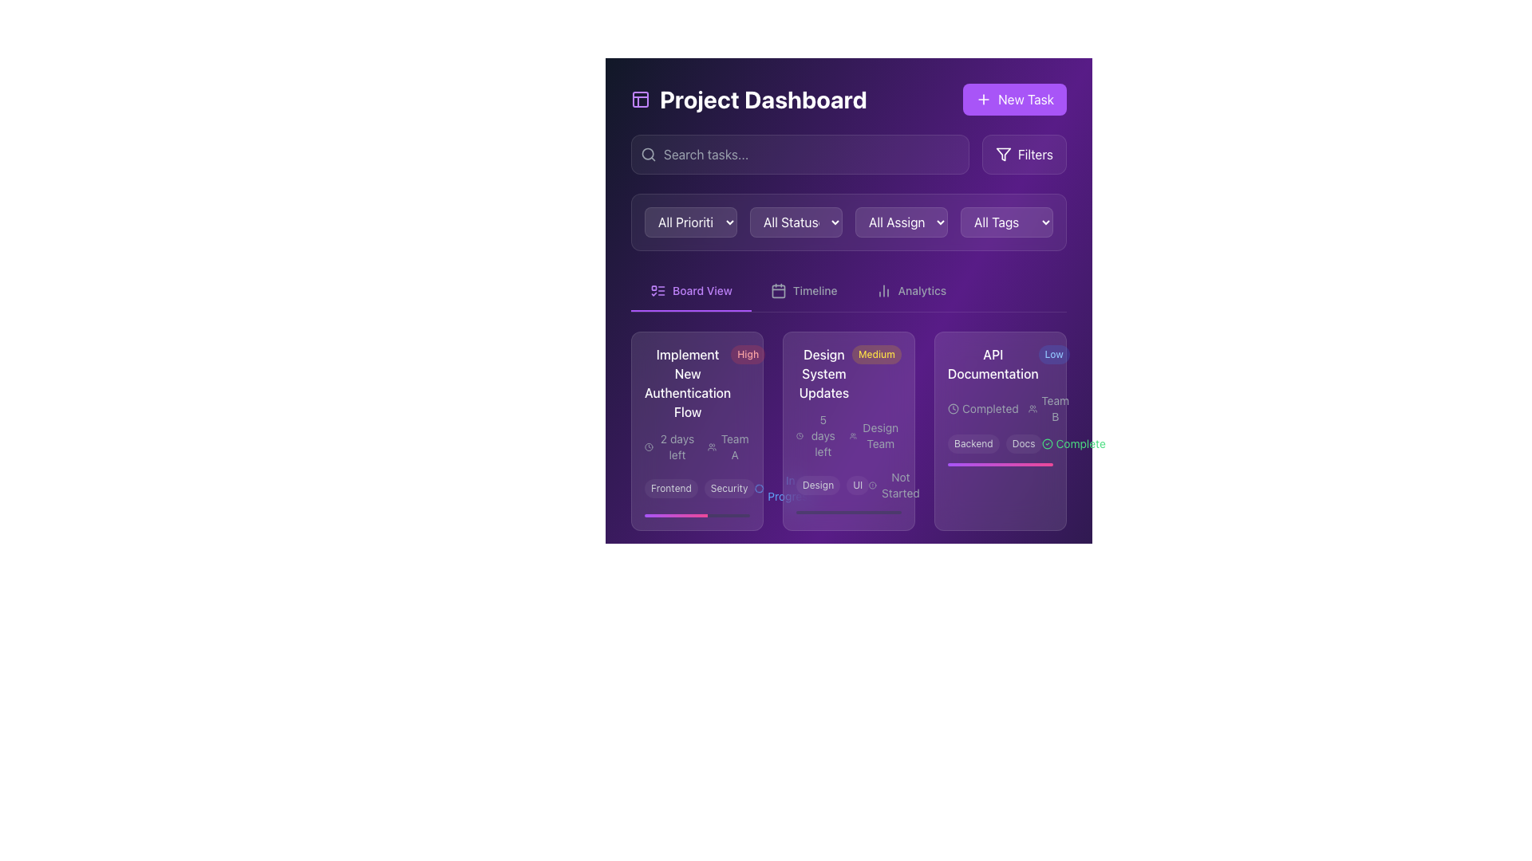  What do you see at coordinates (640, 99) in the screenshot?
I see `the icon representing the dashboard feature, located to the left of the 'Project Dashboard' text` at bounding box center [640, 99].